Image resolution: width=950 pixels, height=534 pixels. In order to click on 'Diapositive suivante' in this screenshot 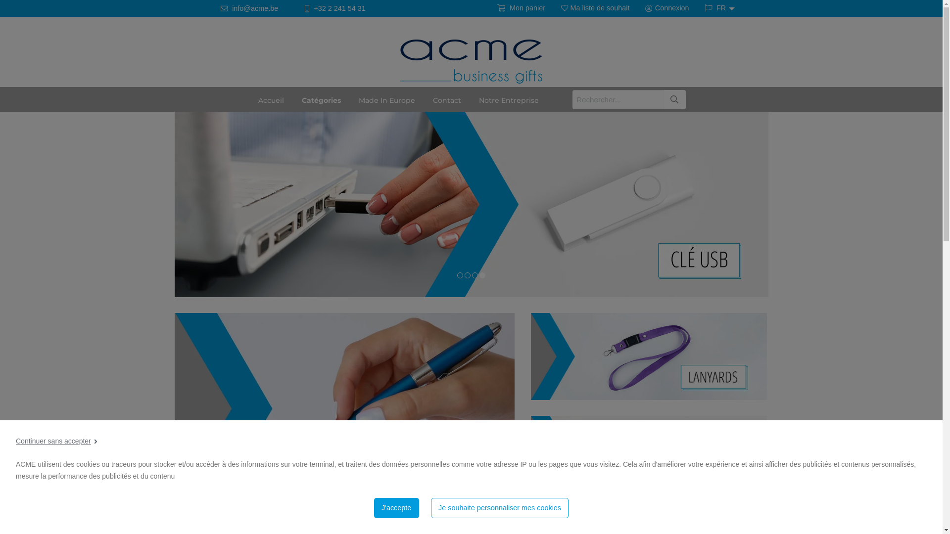, I will do `click(931, 196)`.